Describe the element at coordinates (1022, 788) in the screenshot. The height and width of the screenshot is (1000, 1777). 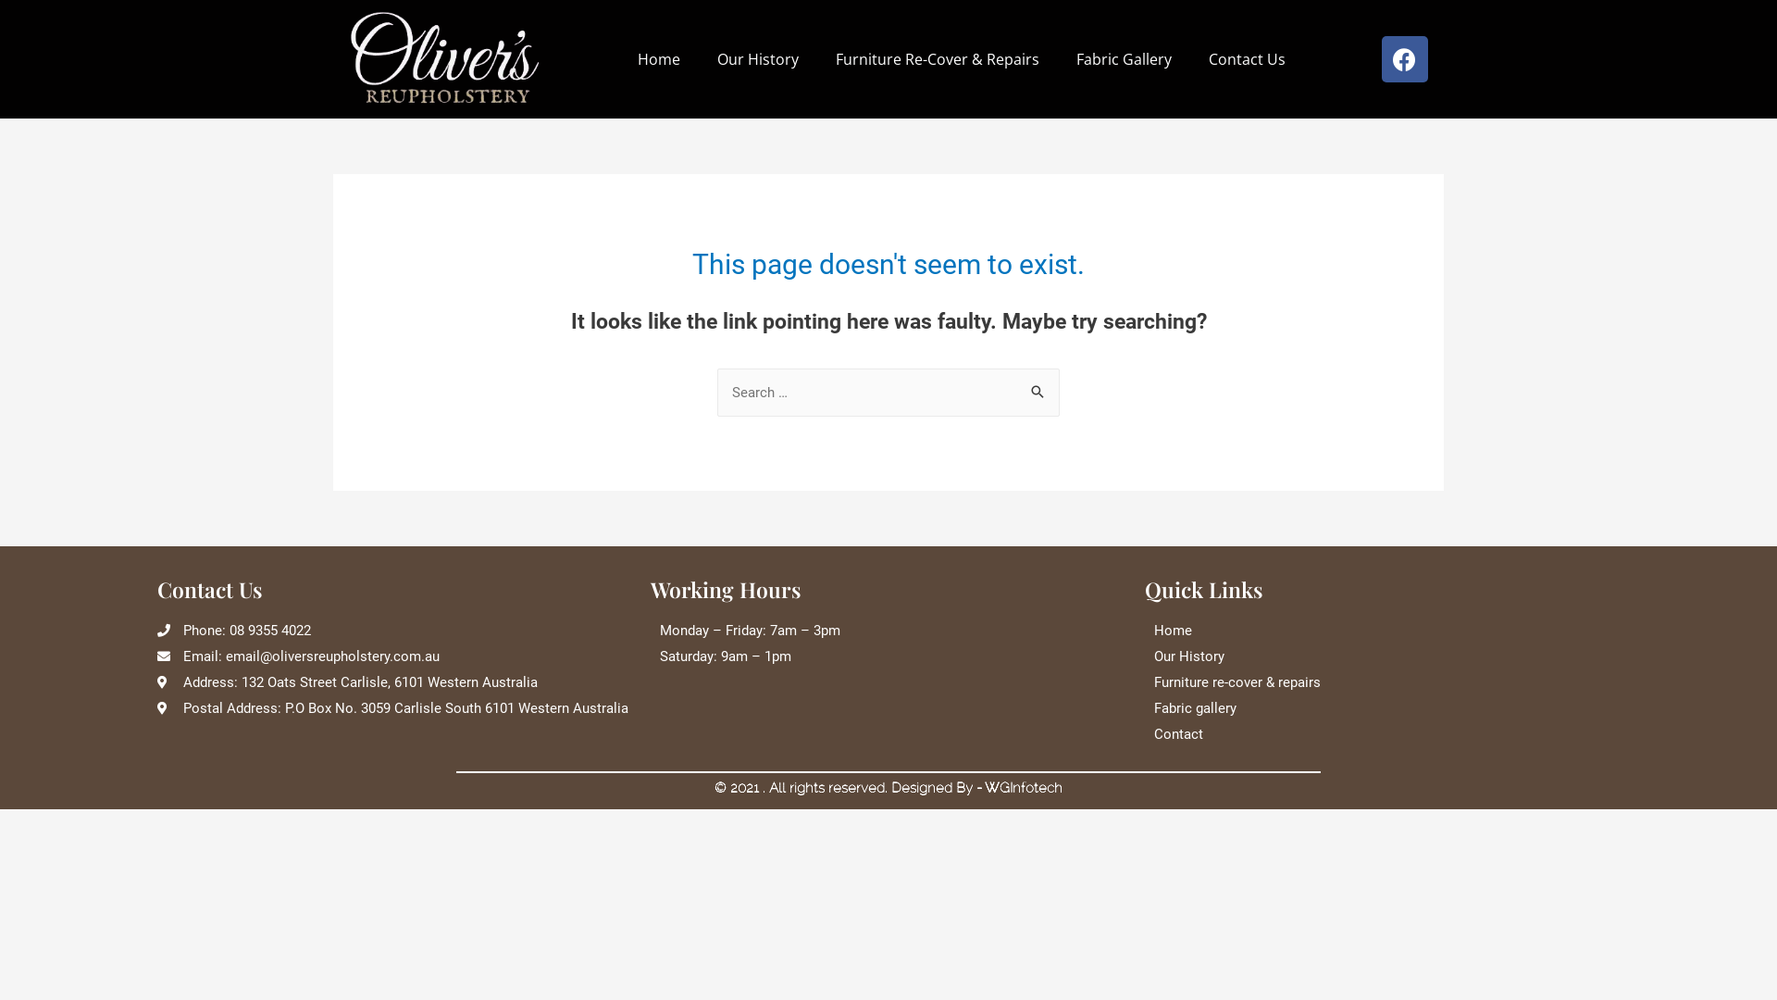
I see `'WGInfotech'` at that location.